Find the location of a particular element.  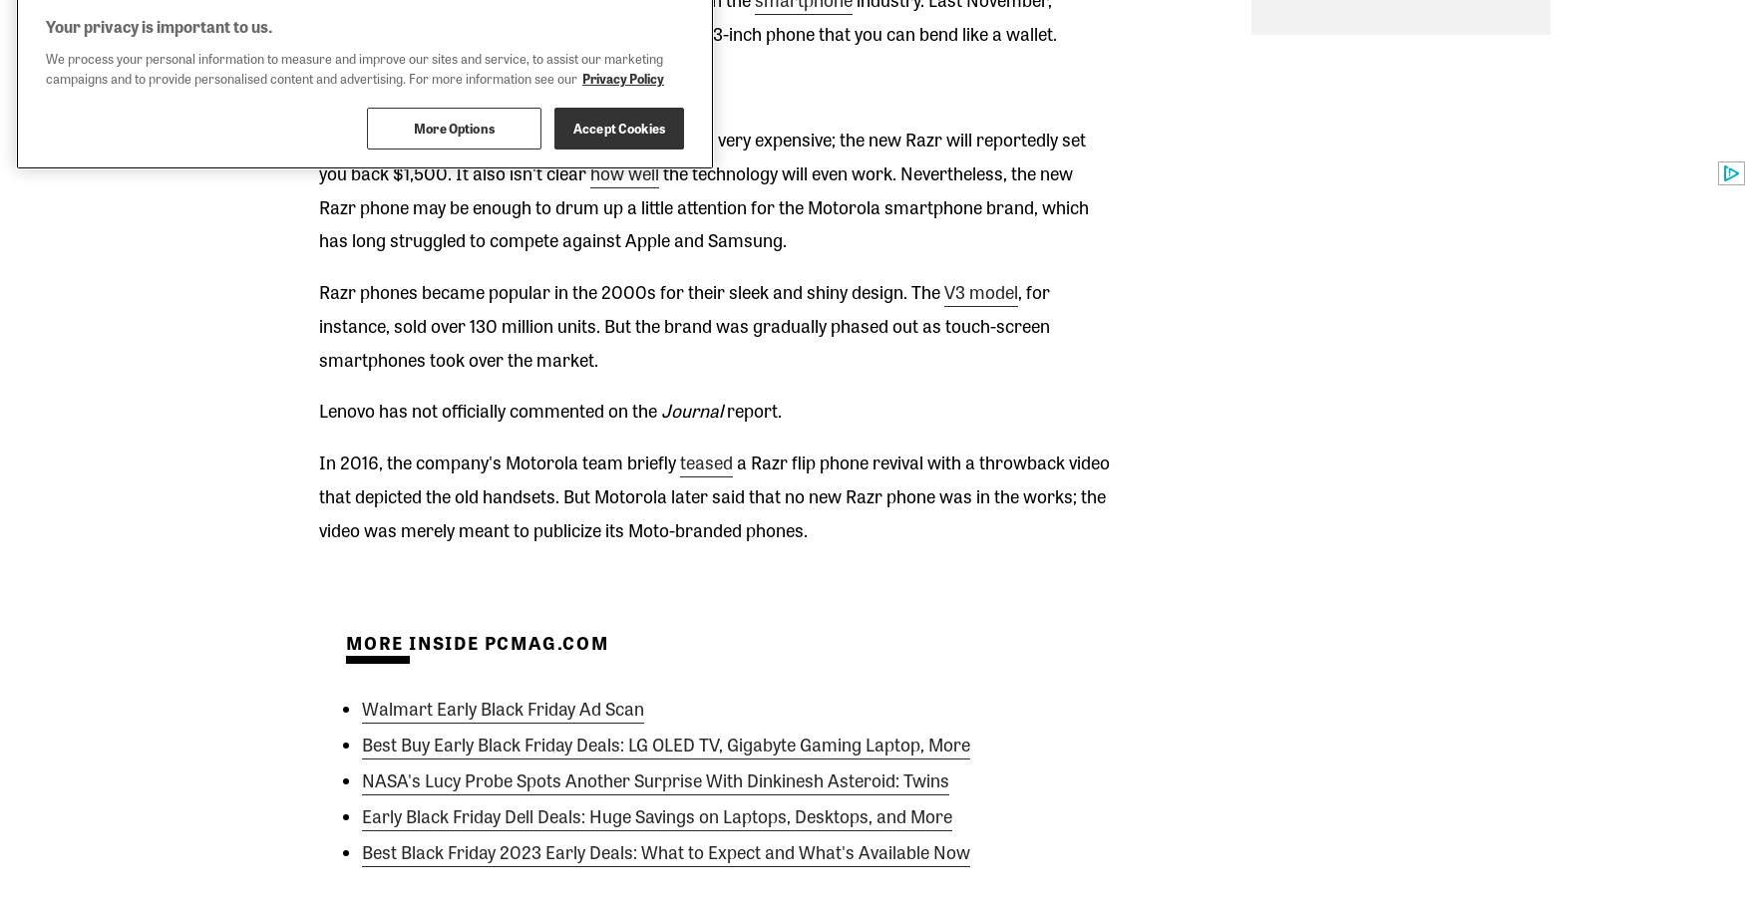

'Journal' is located at coordinates (691, 409).